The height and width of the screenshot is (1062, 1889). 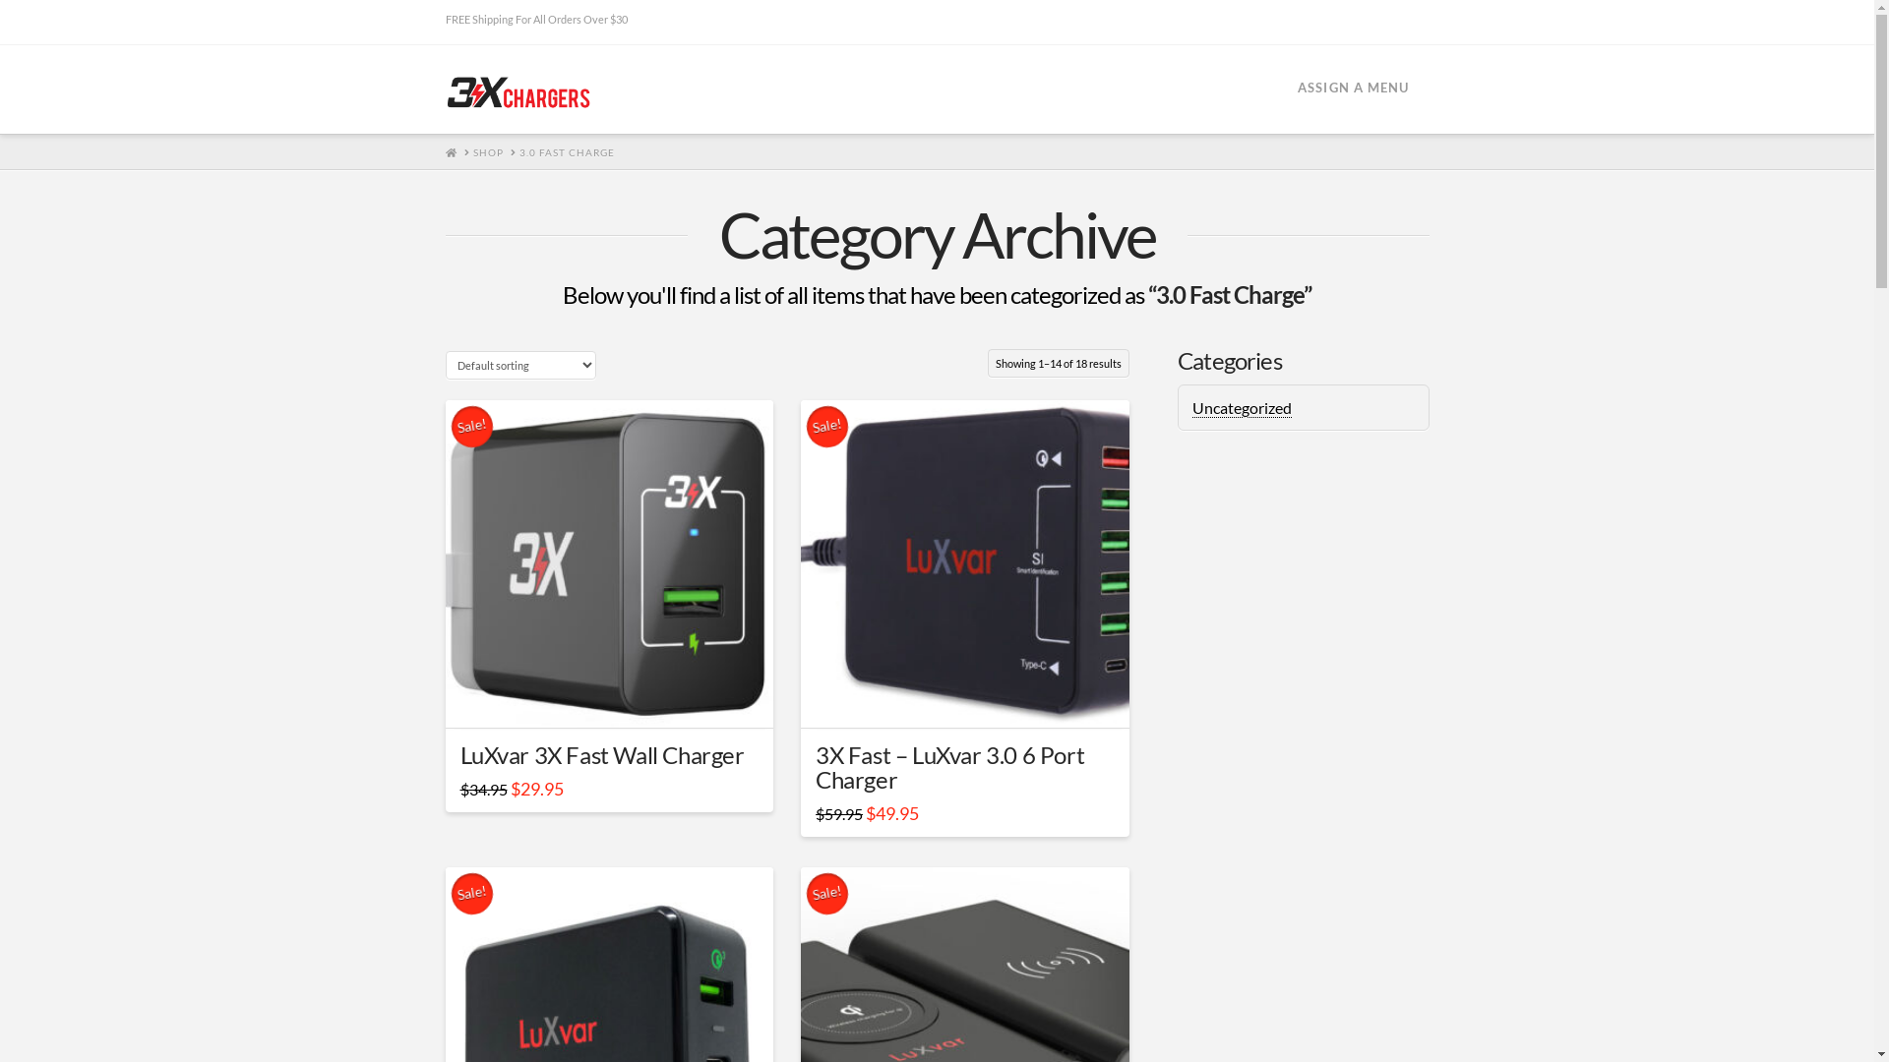 What do you see at coordinates (1352, 89) in the screenshot?
I see `'ASSIGN A MENU'` at bounding box center [1352, 89].